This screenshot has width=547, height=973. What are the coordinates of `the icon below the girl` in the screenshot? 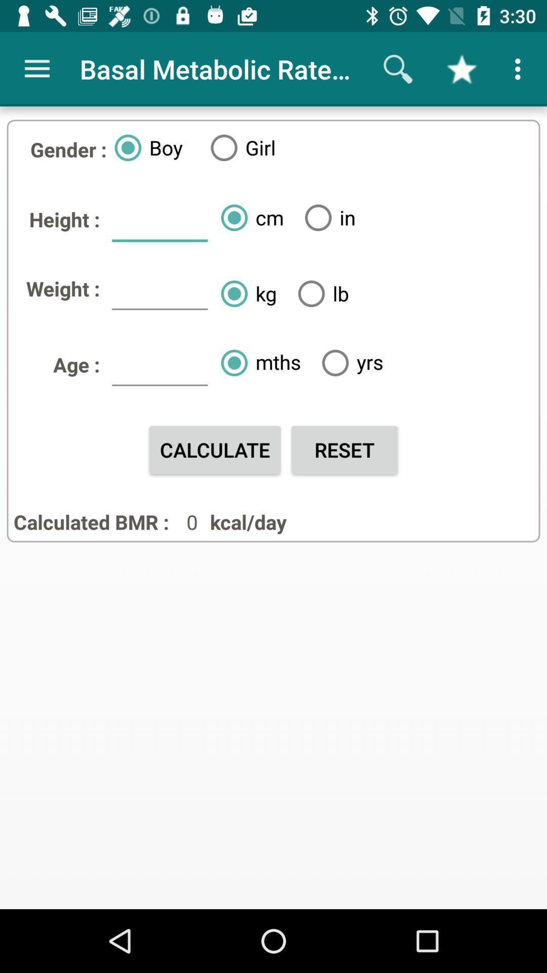 It's located at (248, 217).